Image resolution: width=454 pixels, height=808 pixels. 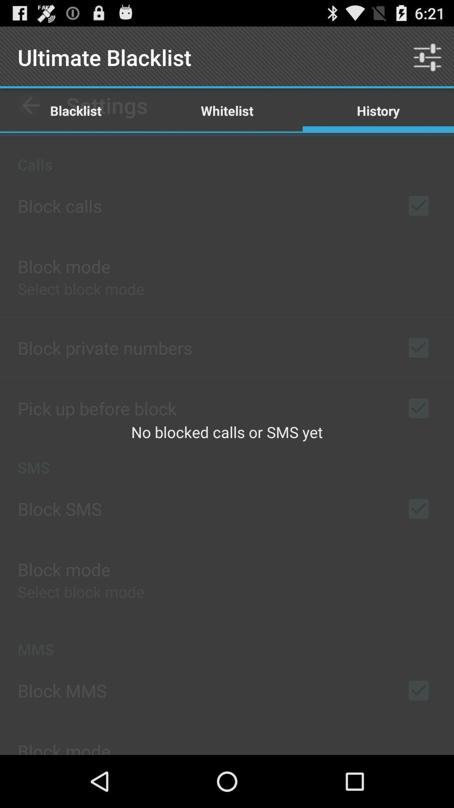 What do you see at coordinates (227, 110) in the screenshot?
I see `the app above the no blocked calls item` at bounding box center [227, 110].